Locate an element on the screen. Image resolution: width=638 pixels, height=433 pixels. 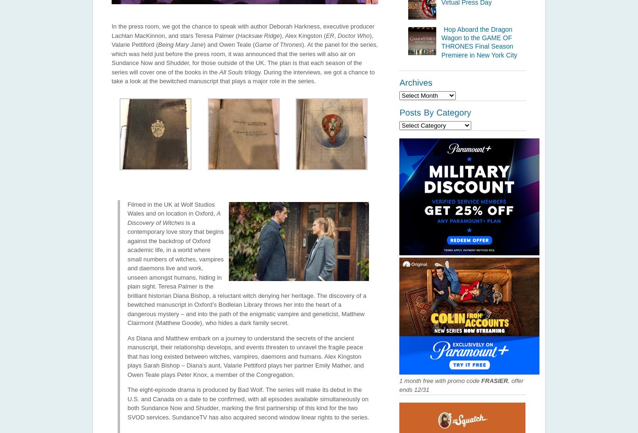
'ER' is located at coordinates (329, 35).